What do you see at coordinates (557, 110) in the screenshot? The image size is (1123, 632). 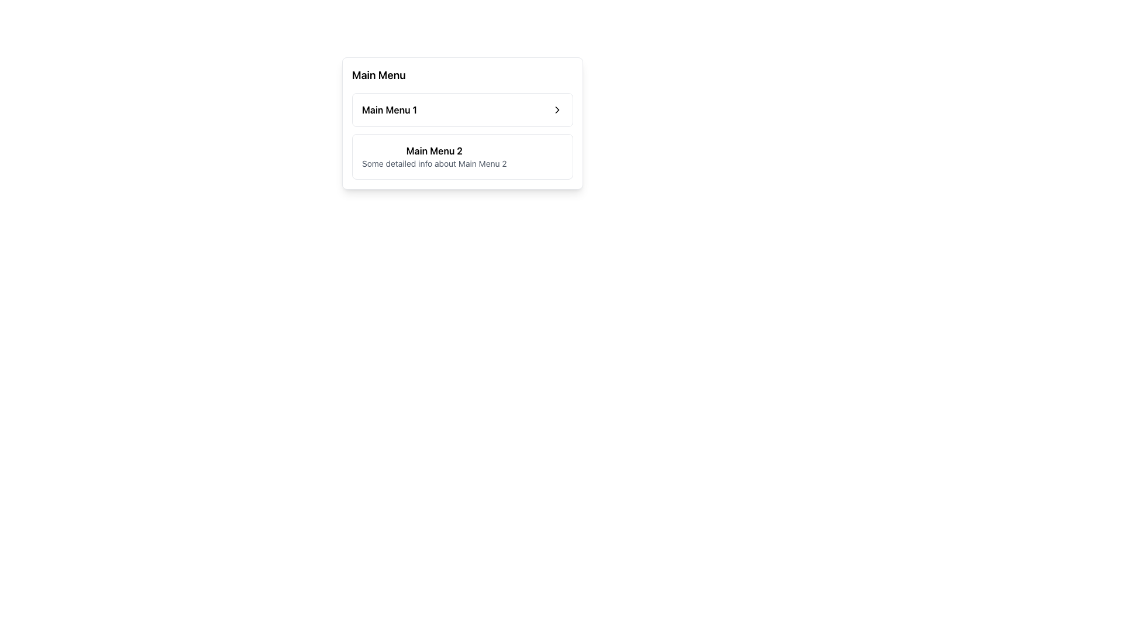 I see `the chevron icon indicating the expandable 'Main Menu 1' item, located at the far right end of the list item` at bounding box center [557, 110].